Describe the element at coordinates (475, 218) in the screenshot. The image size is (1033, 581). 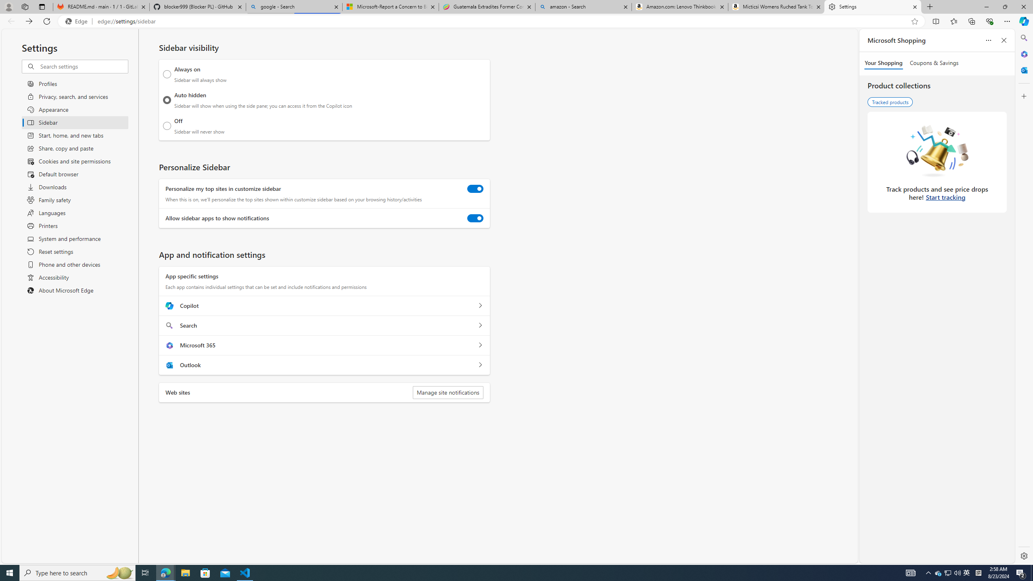
I see `'Allow sidebar apps to show notifications'` at that location.